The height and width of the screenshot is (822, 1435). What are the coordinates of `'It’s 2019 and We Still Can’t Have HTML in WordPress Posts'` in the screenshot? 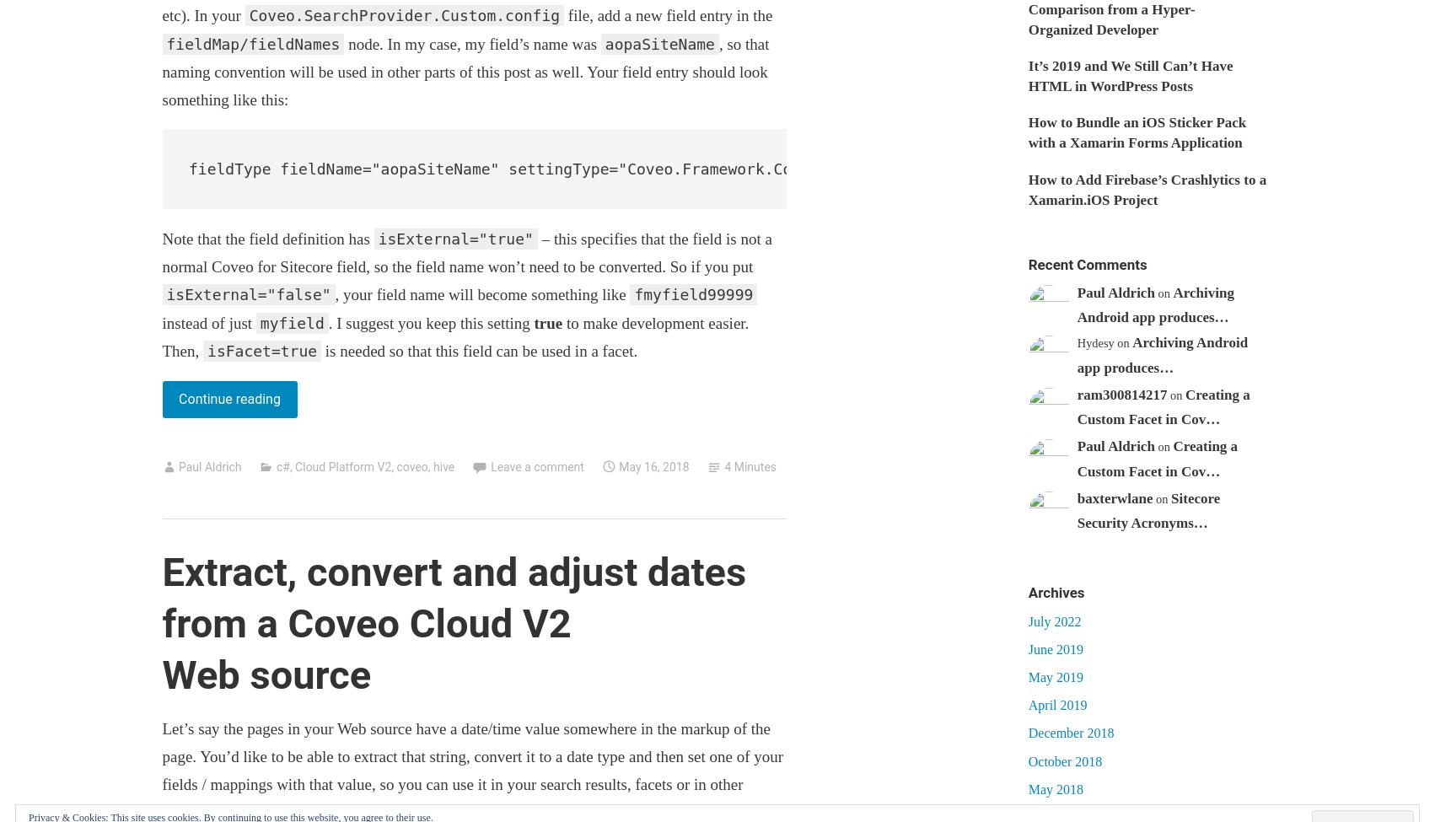 It's located at (1129, 76).